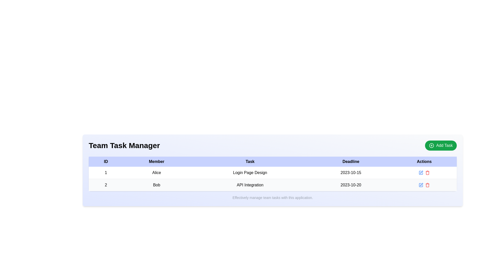  What do you see at coordinates (427, 173) in the screenshot?
I see `the trash can icon button located at the rightmost section of the 'Actions' column` at bounding box center [427, 173].